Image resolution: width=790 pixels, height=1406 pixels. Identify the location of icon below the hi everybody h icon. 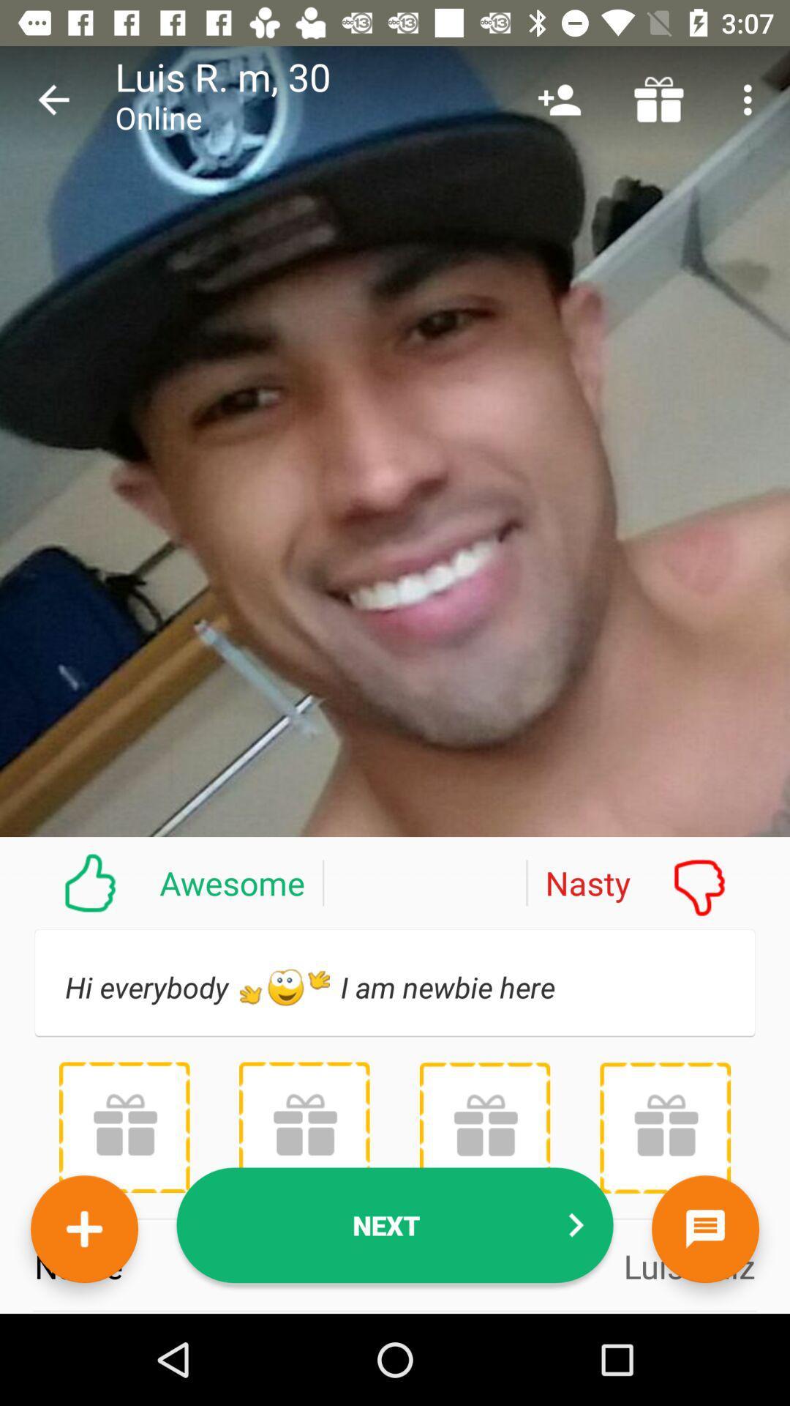
(484, 1127).